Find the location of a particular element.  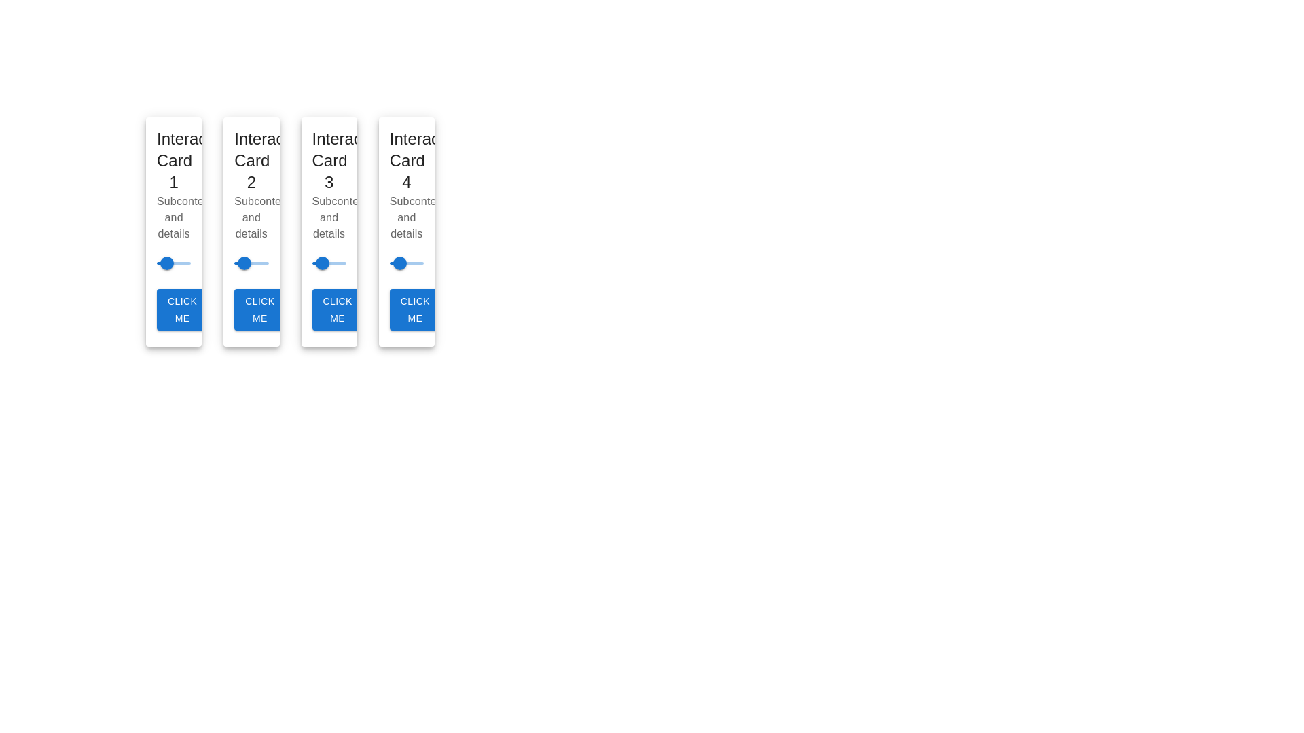

the 'Click Me' button located at the bottom of 'Interactive Card 2' is located at coordinates (259, 309).